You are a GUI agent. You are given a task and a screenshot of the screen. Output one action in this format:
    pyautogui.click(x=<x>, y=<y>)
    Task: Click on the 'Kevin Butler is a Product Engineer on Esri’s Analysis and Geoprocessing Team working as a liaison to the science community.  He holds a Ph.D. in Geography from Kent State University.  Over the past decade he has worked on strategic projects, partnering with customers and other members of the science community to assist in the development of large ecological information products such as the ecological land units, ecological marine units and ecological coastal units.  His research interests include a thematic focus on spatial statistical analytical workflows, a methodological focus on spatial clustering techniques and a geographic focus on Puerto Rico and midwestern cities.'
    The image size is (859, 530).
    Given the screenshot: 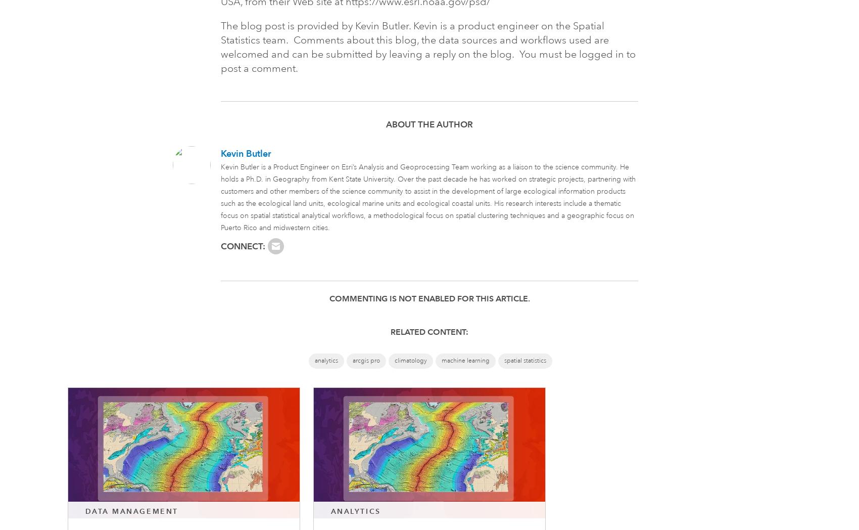 What is the action you would take?
    pyautogui.click(x=427, y=197)
    